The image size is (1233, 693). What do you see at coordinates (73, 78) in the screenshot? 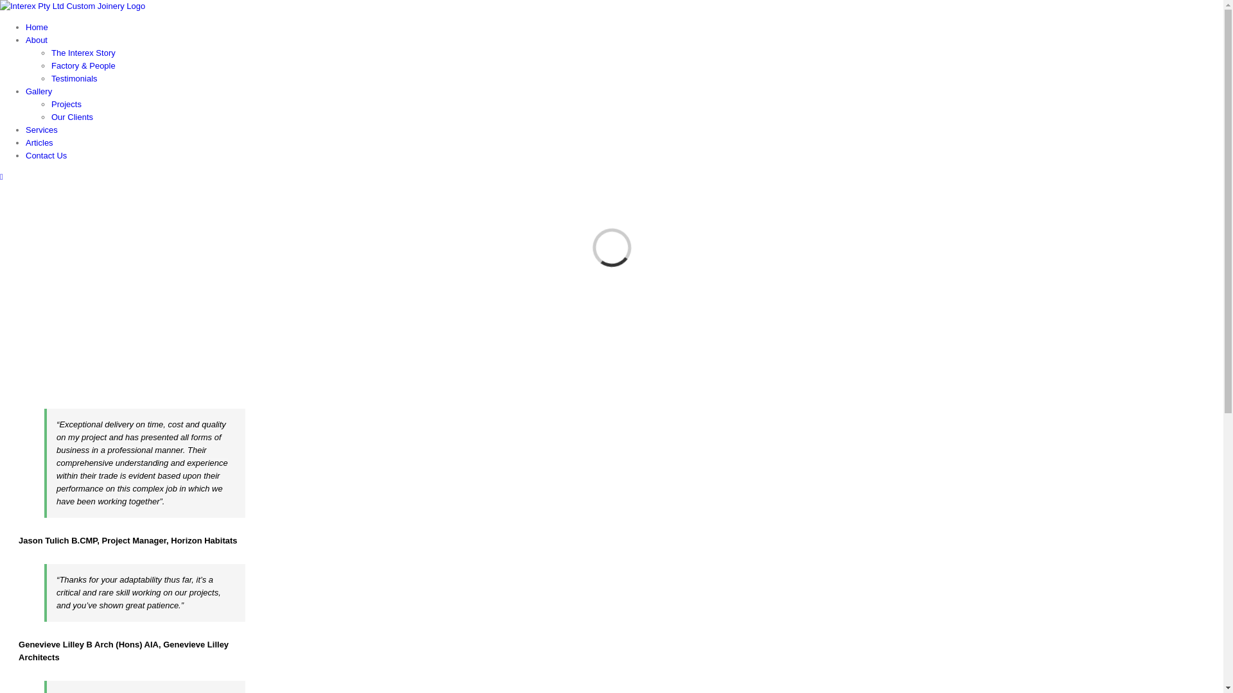
I see `'Testimonials'` at bounding box center [73, 78].